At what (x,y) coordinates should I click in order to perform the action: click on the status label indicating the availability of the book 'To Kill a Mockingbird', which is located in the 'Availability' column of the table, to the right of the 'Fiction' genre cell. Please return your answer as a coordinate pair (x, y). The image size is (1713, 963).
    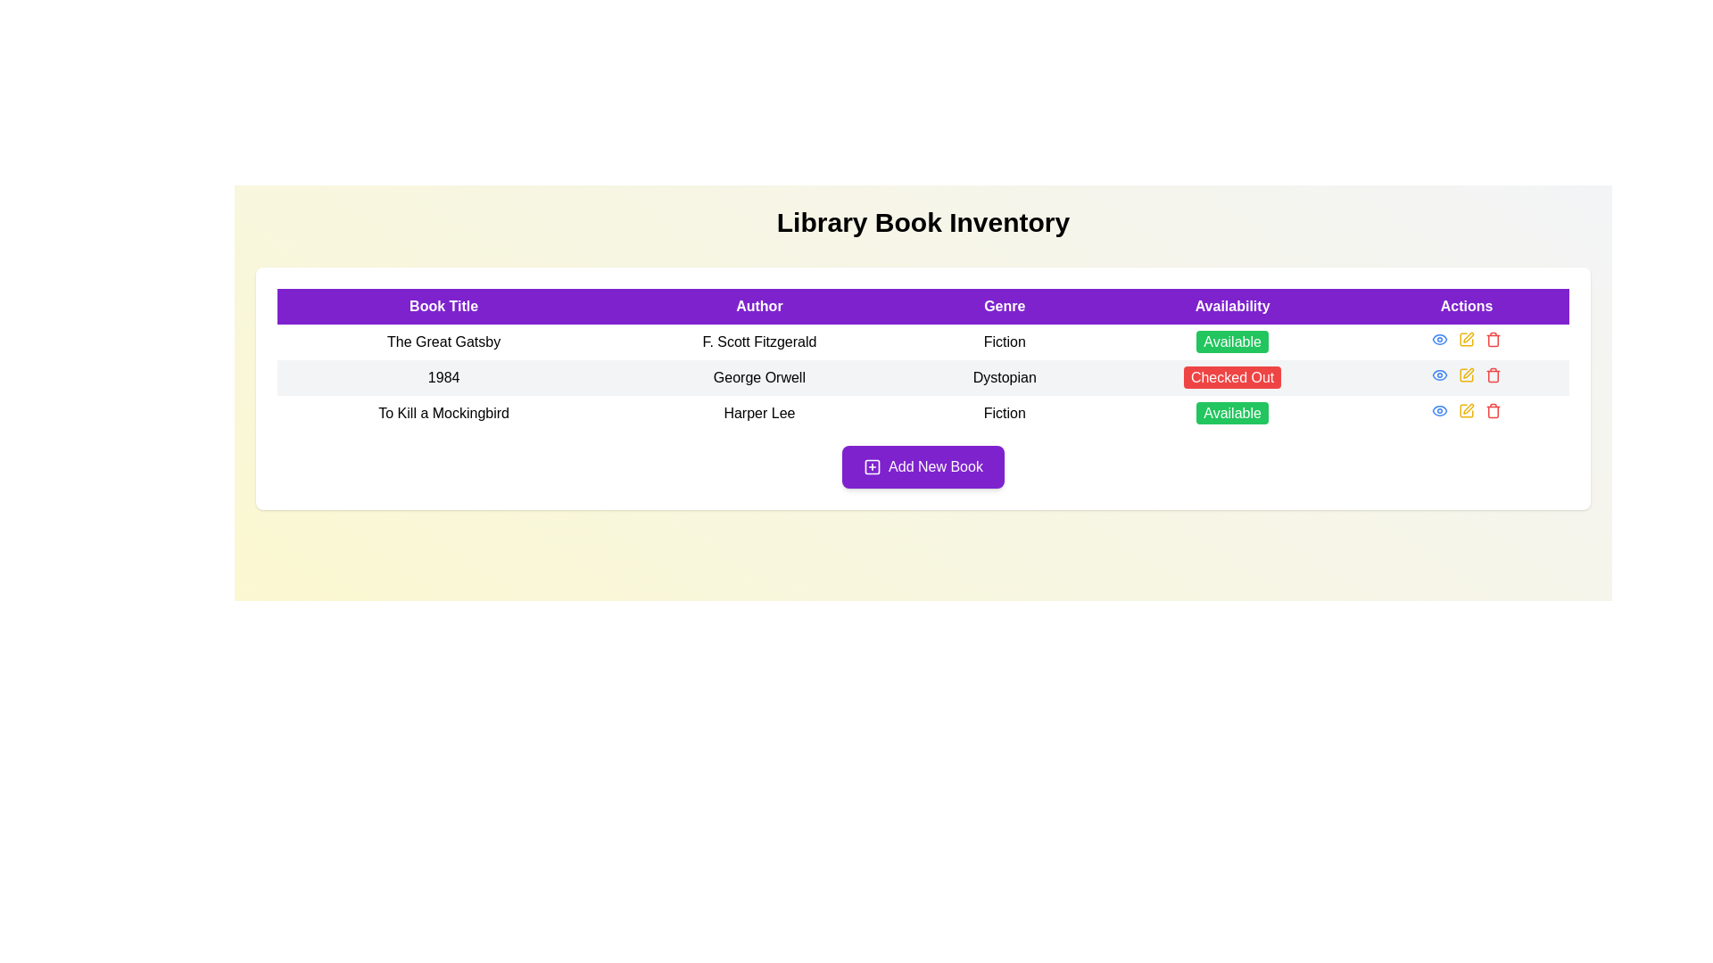
    Looking at the image, I should click on (1231, 413).